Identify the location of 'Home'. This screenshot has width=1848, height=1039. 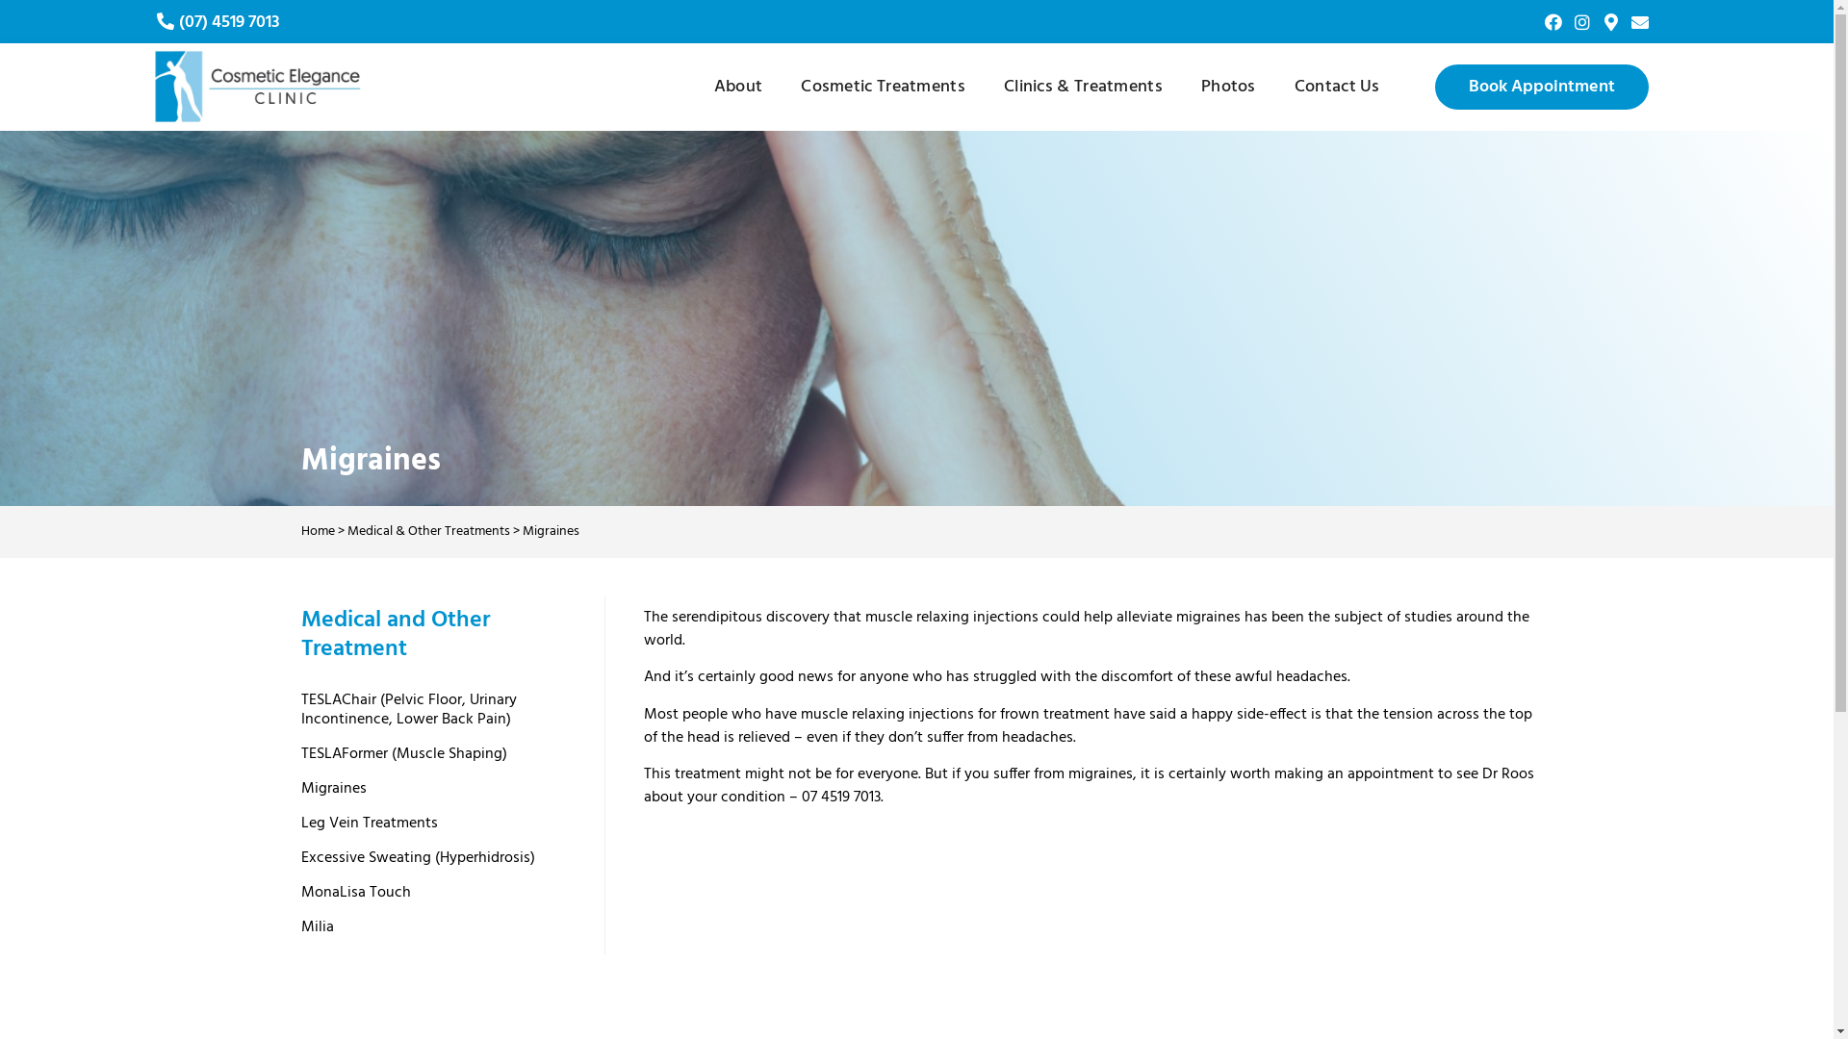
(299, 531).